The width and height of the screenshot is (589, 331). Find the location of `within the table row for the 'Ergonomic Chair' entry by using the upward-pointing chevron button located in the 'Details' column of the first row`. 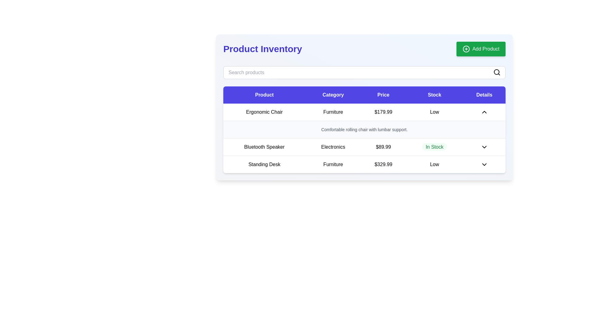

within the table row for the 'Ergonomic Chair' entry by using the upward-pointing chevron button located in the 'Details' column of the first row is located at coordinates (484, 112).